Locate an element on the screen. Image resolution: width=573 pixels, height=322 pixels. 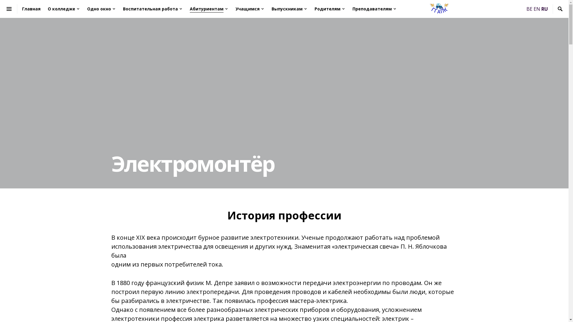
'BE' is located at coordinates (529, 9).